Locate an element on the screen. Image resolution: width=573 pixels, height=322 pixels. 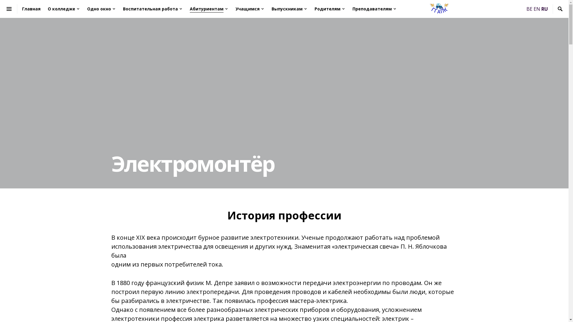
'BE' is located at coordinates (529, 9).